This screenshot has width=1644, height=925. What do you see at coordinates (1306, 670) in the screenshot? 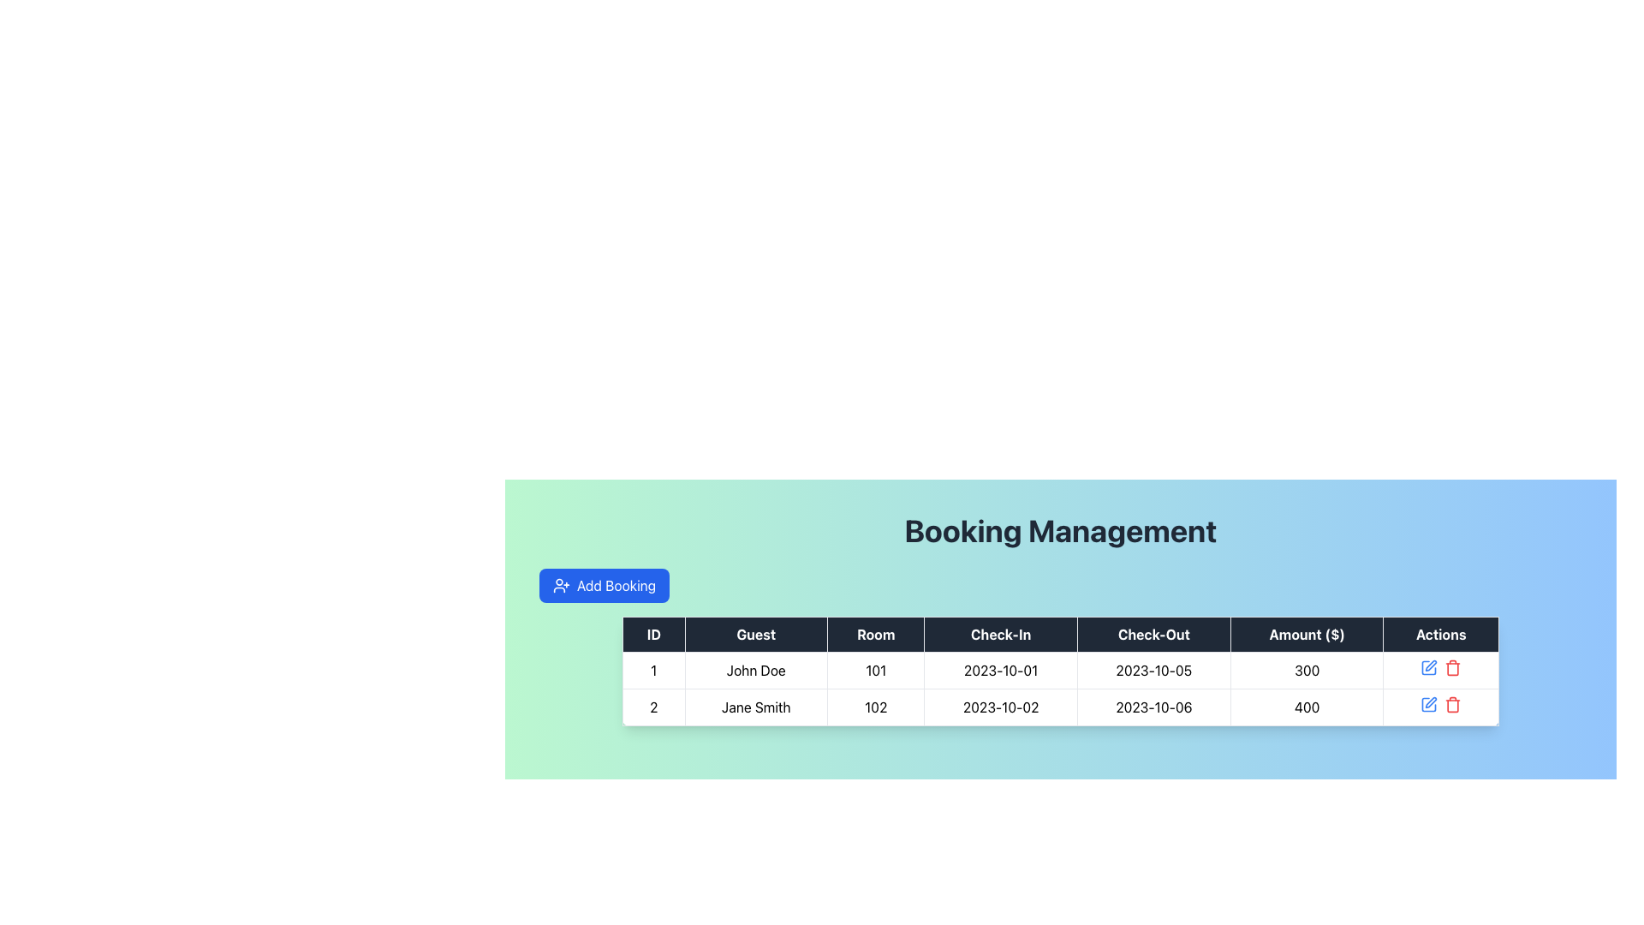
I see `the static text cell displaying the number '300' in the 'Amount ($)' column of the booking table` at bounding box center [1306, 670].